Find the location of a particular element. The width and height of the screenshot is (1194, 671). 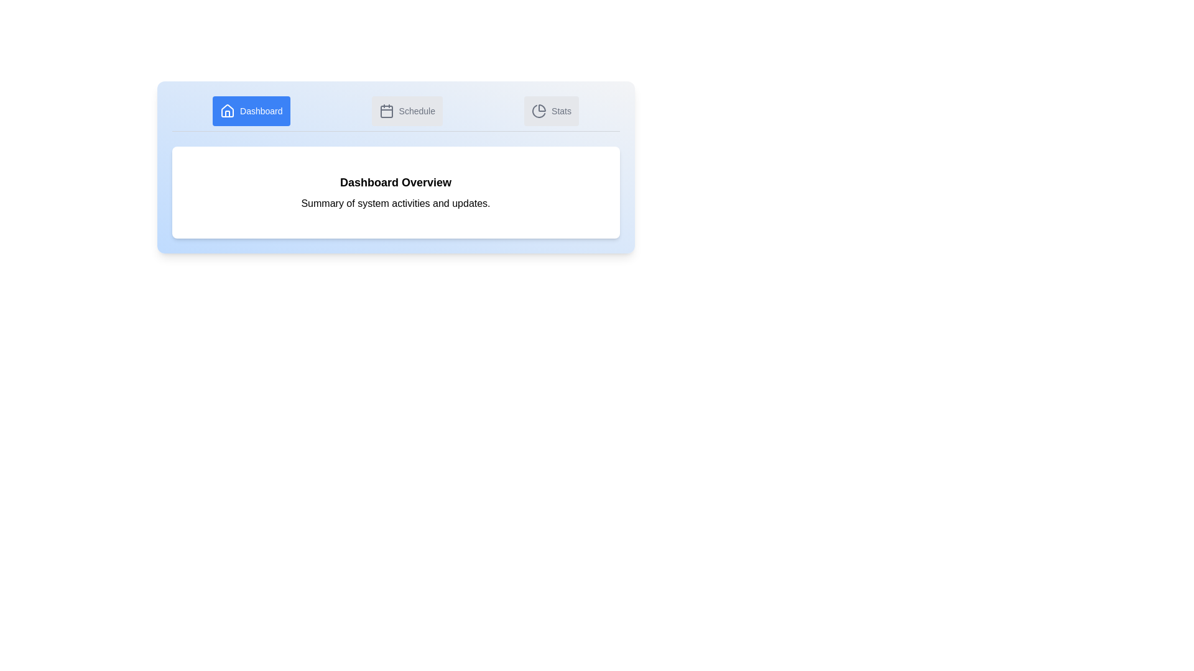

the Schedule tab by clicking on it is located at coordinates (407, 110).